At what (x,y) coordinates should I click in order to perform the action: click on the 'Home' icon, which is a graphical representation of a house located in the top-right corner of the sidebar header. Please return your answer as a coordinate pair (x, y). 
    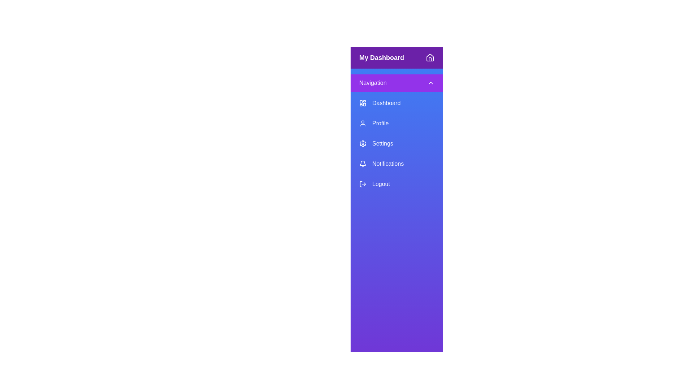
    Looking at the image, I should click on (430, 57).